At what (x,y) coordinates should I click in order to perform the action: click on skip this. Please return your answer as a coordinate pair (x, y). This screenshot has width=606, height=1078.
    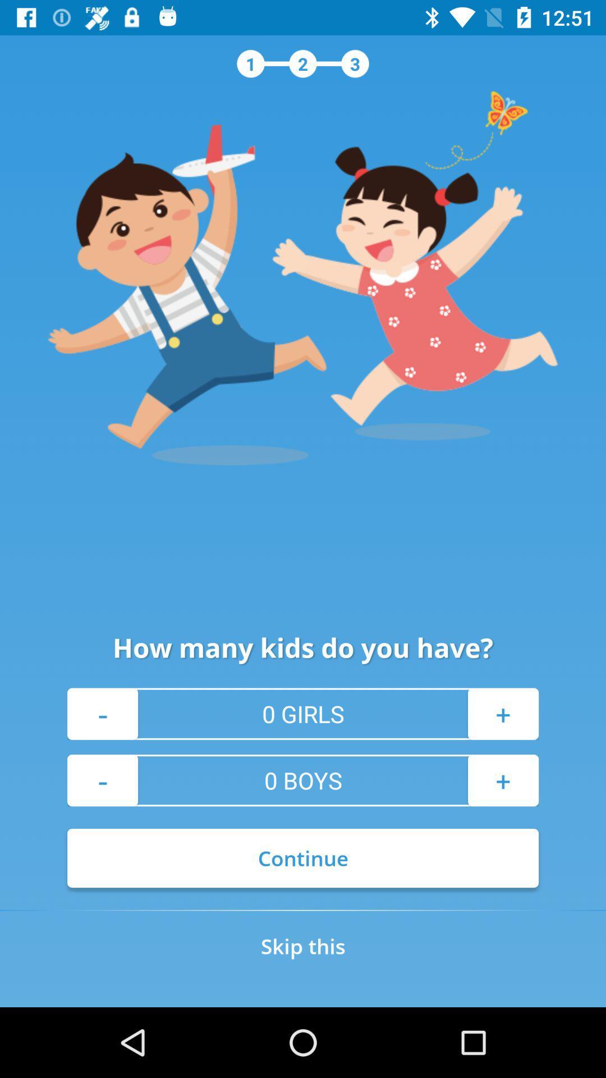
    Looking at the image, I should click on (303, 945).